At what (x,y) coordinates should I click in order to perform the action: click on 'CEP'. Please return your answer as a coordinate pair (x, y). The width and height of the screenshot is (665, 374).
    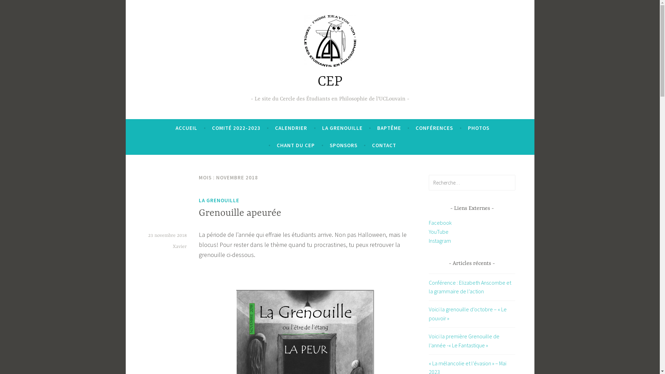
    Looking at the image, I should click on (329, 81).